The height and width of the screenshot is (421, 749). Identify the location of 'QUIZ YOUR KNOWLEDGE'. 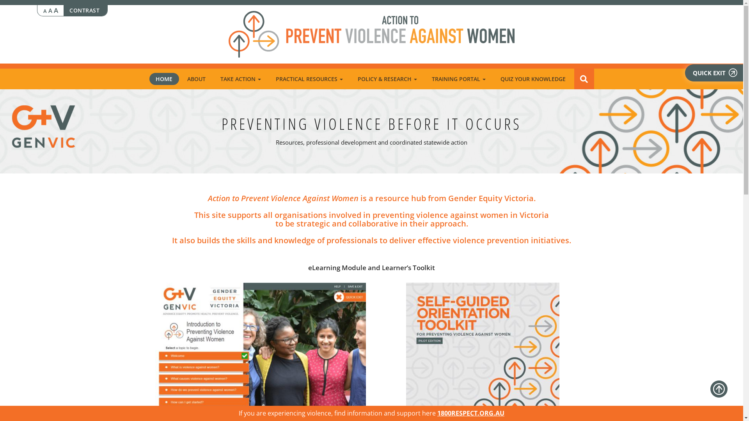
(532, 79).